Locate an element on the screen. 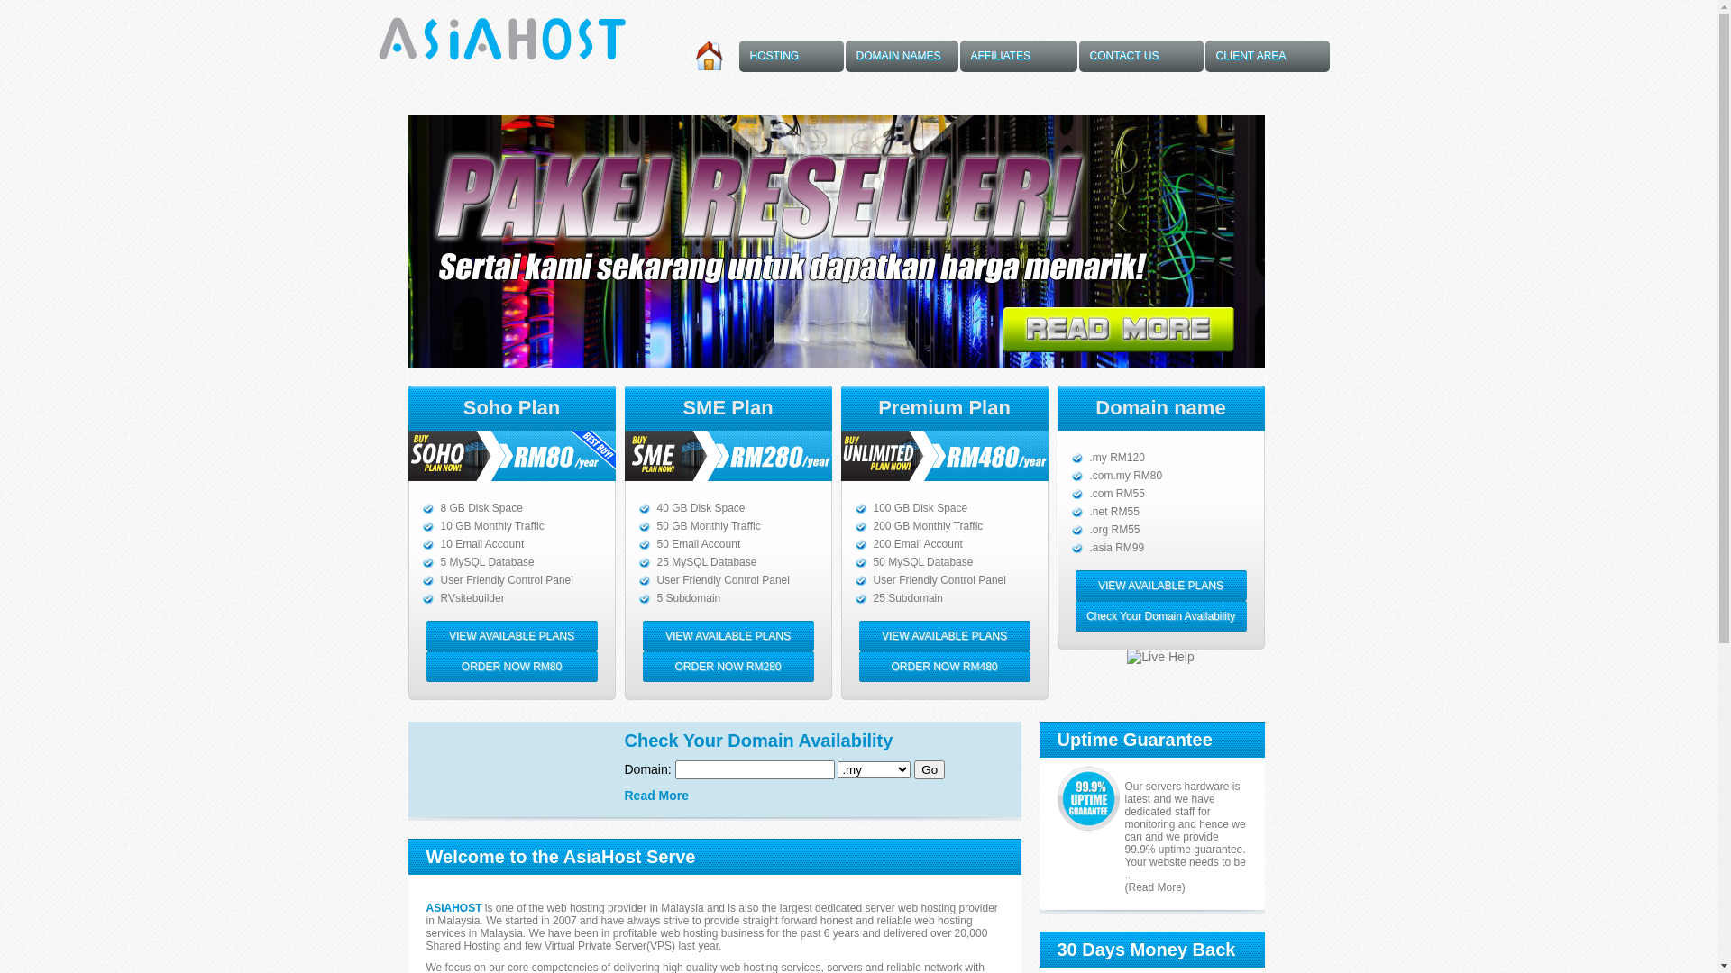  'CLIENT AREA' is located at coordinates (1266, 55).